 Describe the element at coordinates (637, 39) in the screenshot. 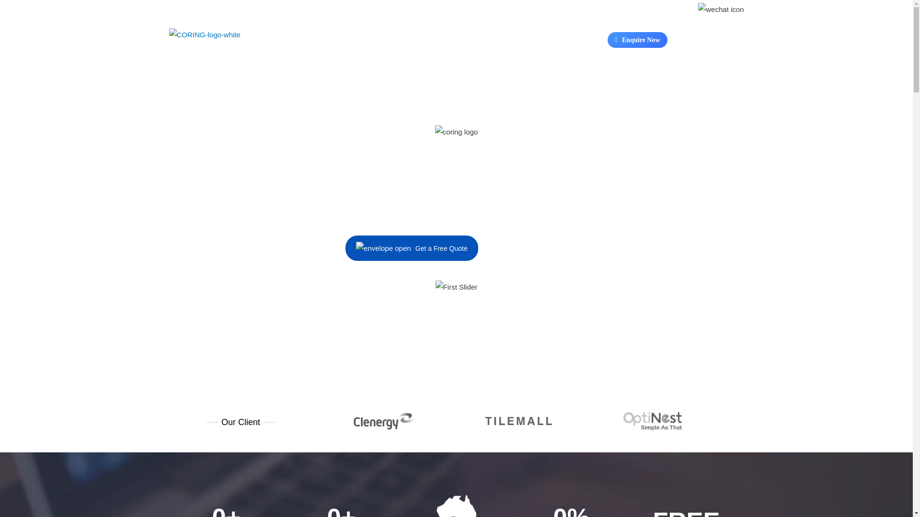

I see `'Enquire Now'` at that location.